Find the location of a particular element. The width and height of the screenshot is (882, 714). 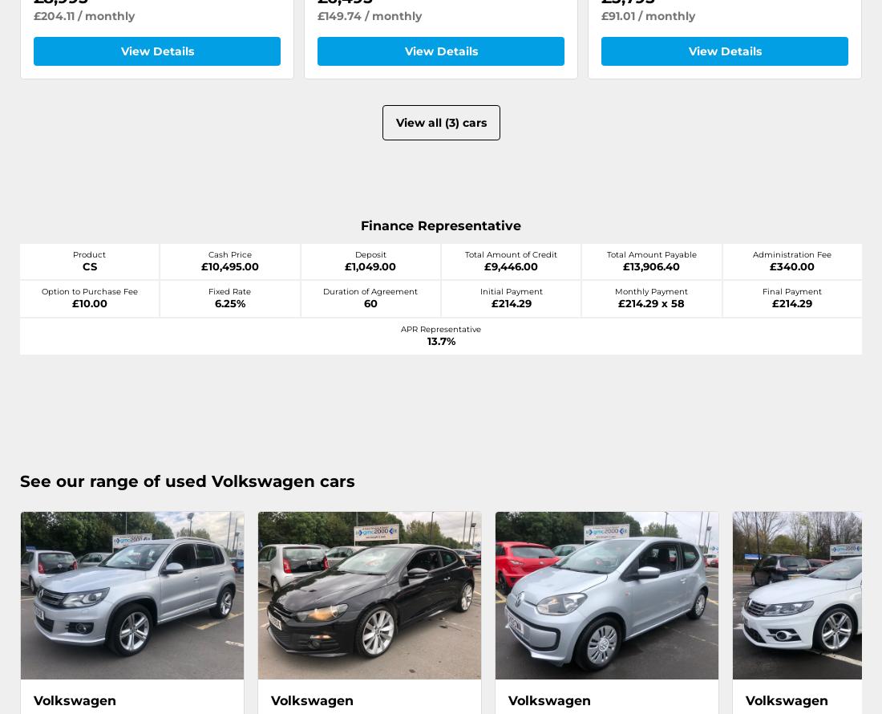

'£13,906.40' is located at coordinates (651, 265).